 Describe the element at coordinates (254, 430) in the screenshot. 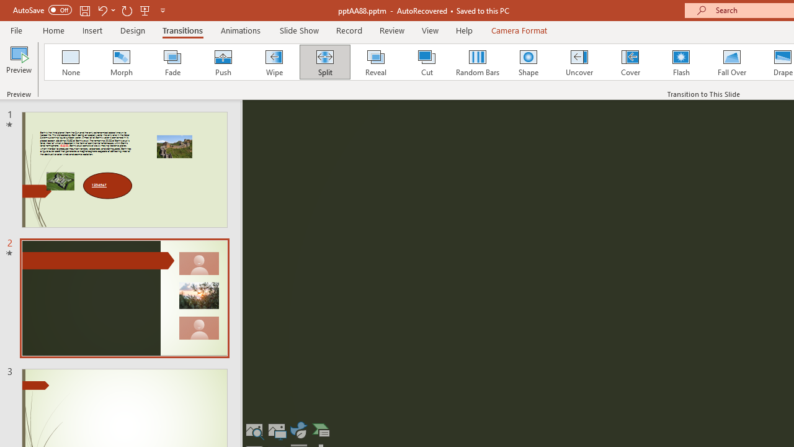

I see `'Stock Images'` at that location.